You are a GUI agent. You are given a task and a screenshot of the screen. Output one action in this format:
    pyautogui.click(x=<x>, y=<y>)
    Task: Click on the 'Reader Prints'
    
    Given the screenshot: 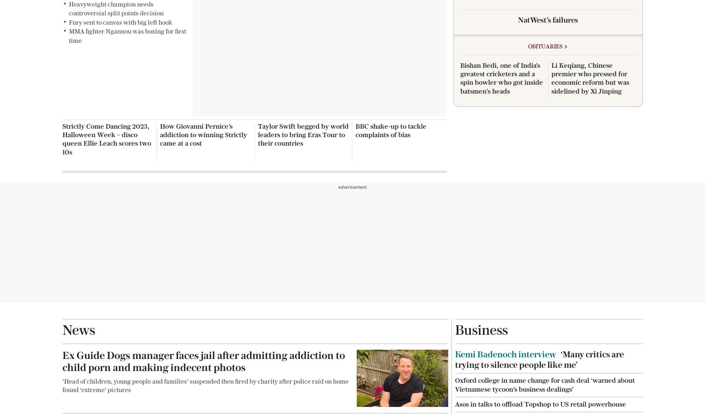 What is the action you would take?
    pyautogui.click(x=451, y=22)
    